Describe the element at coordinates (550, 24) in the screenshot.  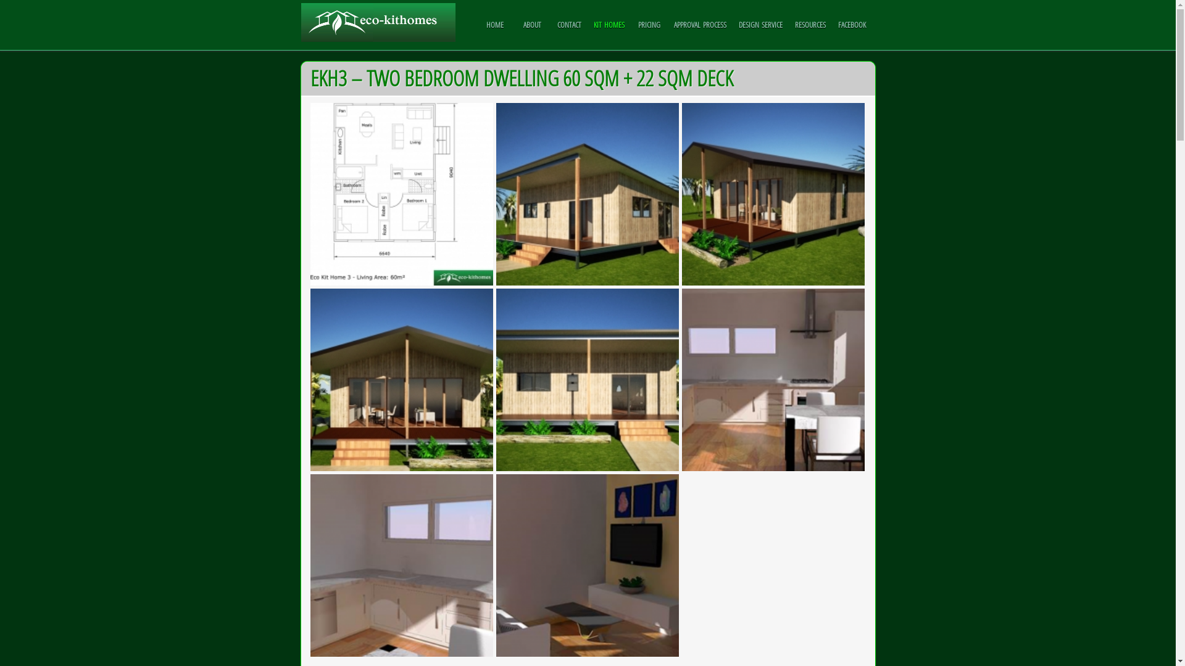
I see `'CONTACT'` at that location.